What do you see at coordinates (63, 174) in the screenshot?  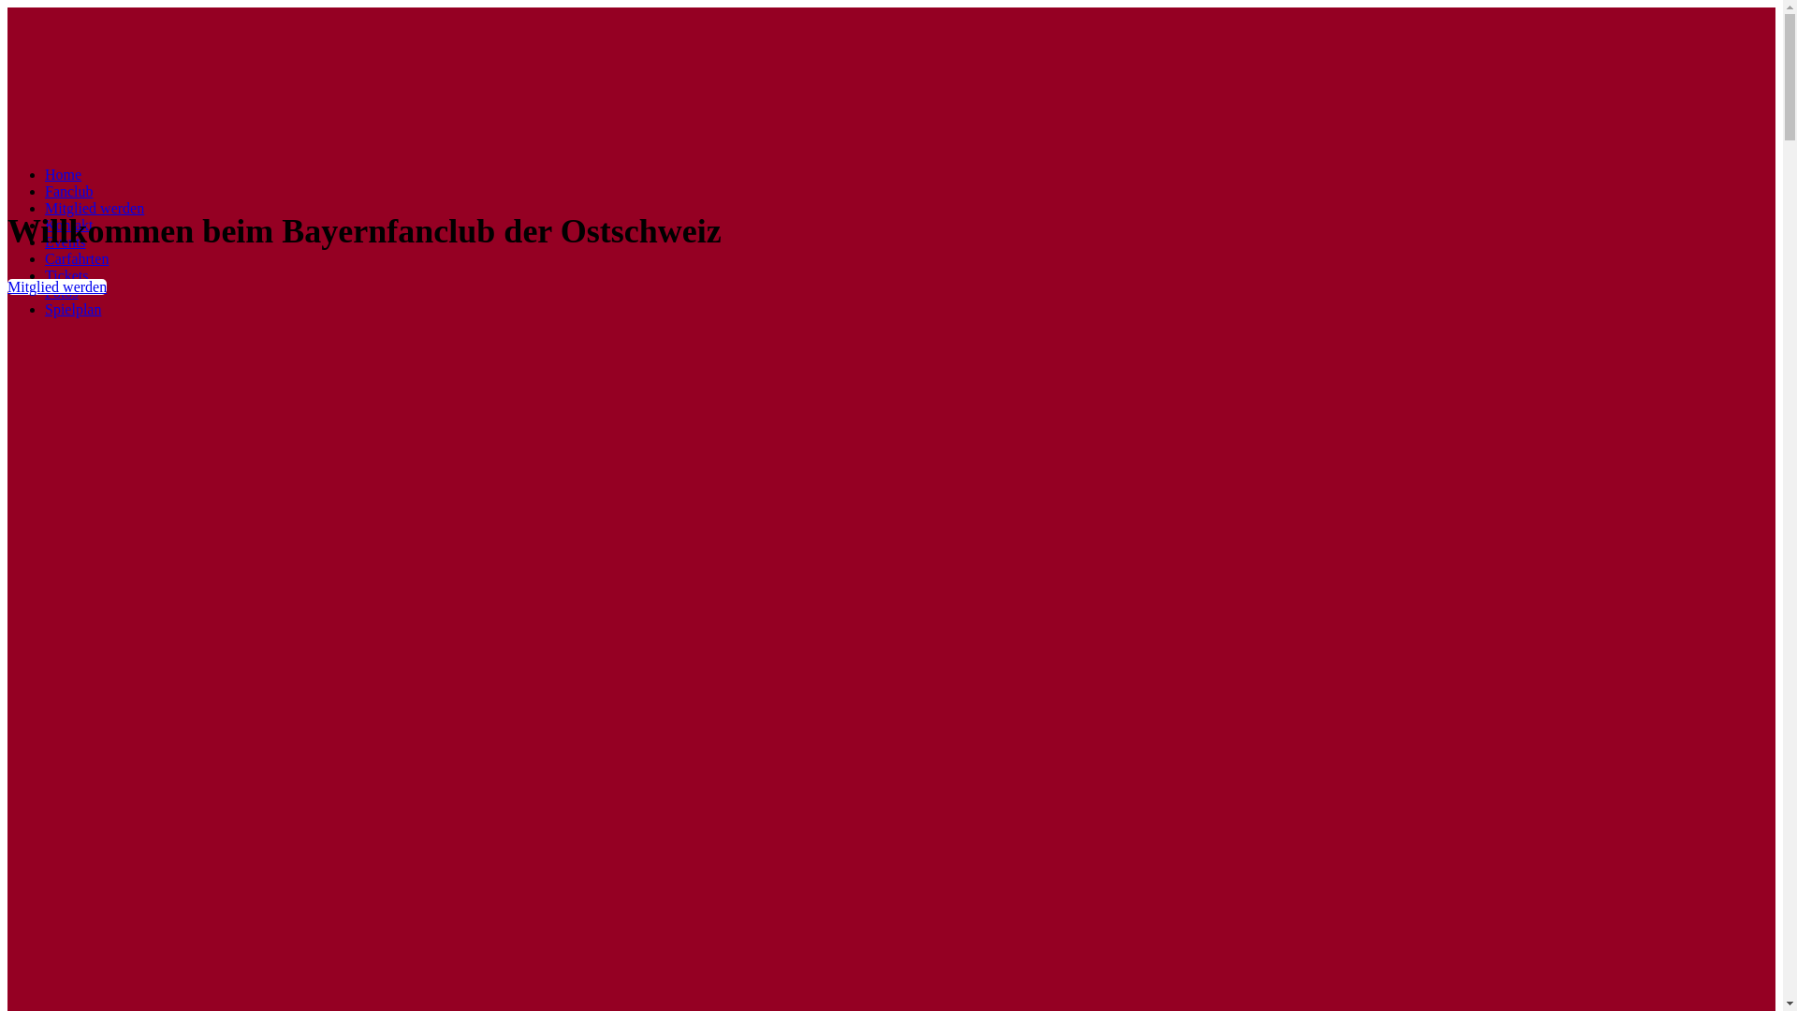 I see `'Home'` at bounding box center [63, 174].